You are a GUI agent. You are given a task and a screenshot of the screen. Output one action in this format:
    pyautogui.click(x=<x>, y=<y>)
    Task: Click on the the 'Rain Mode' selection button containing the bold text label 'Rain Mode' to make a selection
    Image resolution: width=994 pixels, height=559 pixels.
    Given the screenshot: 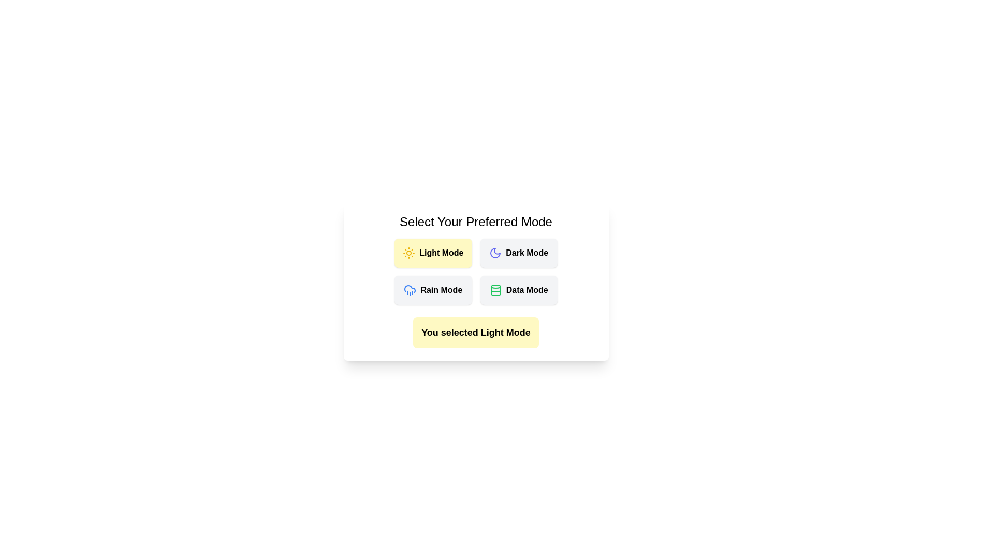 What is the action you would take?
    pyautogui.click(x=441, y=290)
    